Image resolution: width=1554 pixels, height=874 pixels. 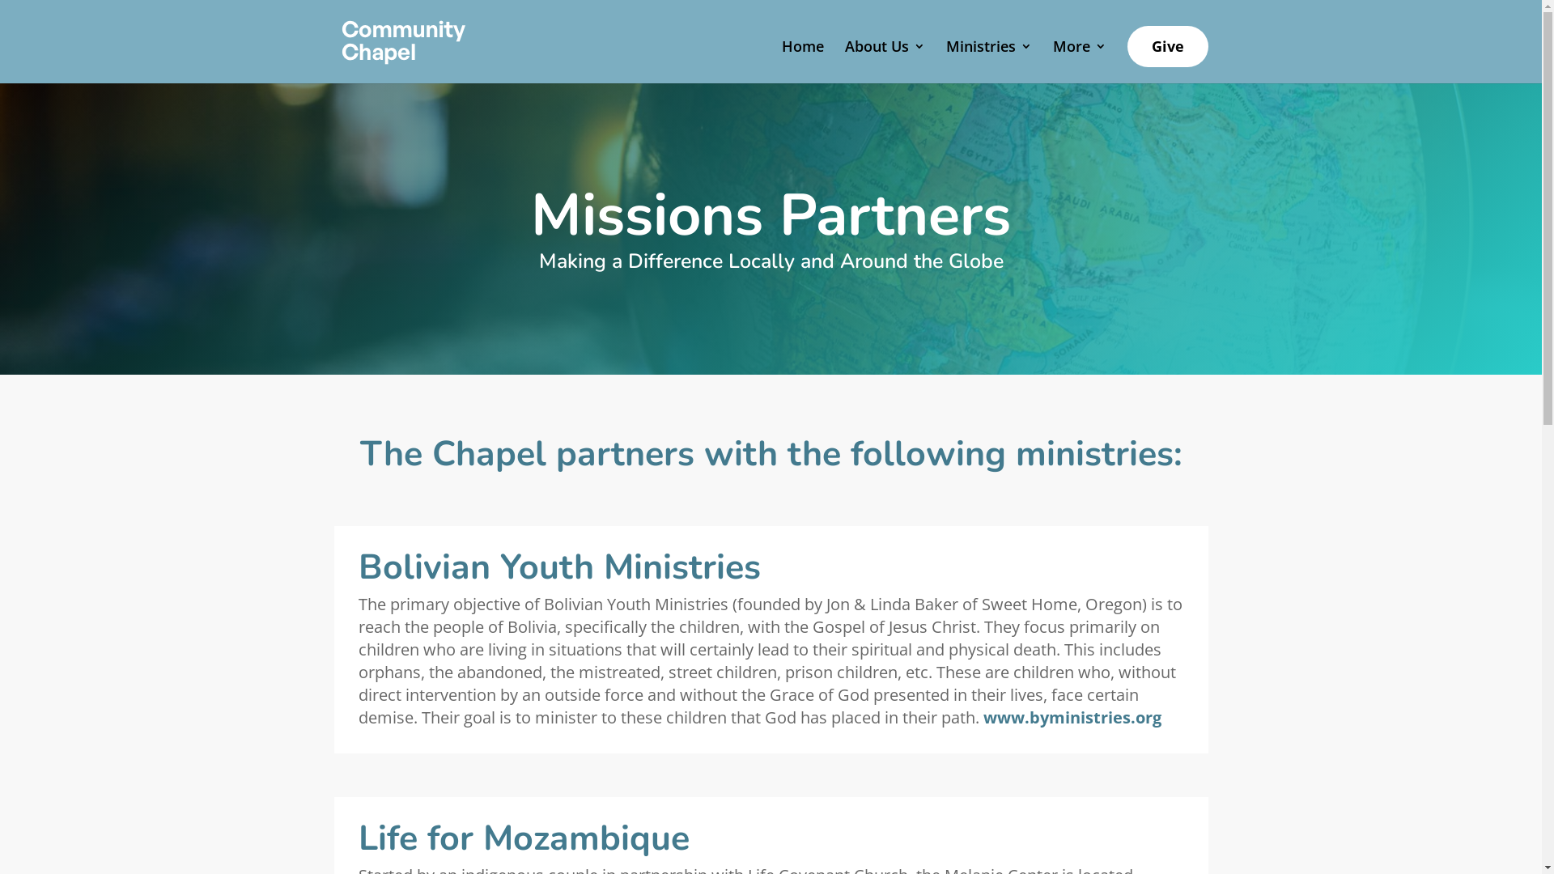 What do you see at coordinates (987, 58) in the screenshot?
I see `'Ministries'` at bounding box center [987, 58].